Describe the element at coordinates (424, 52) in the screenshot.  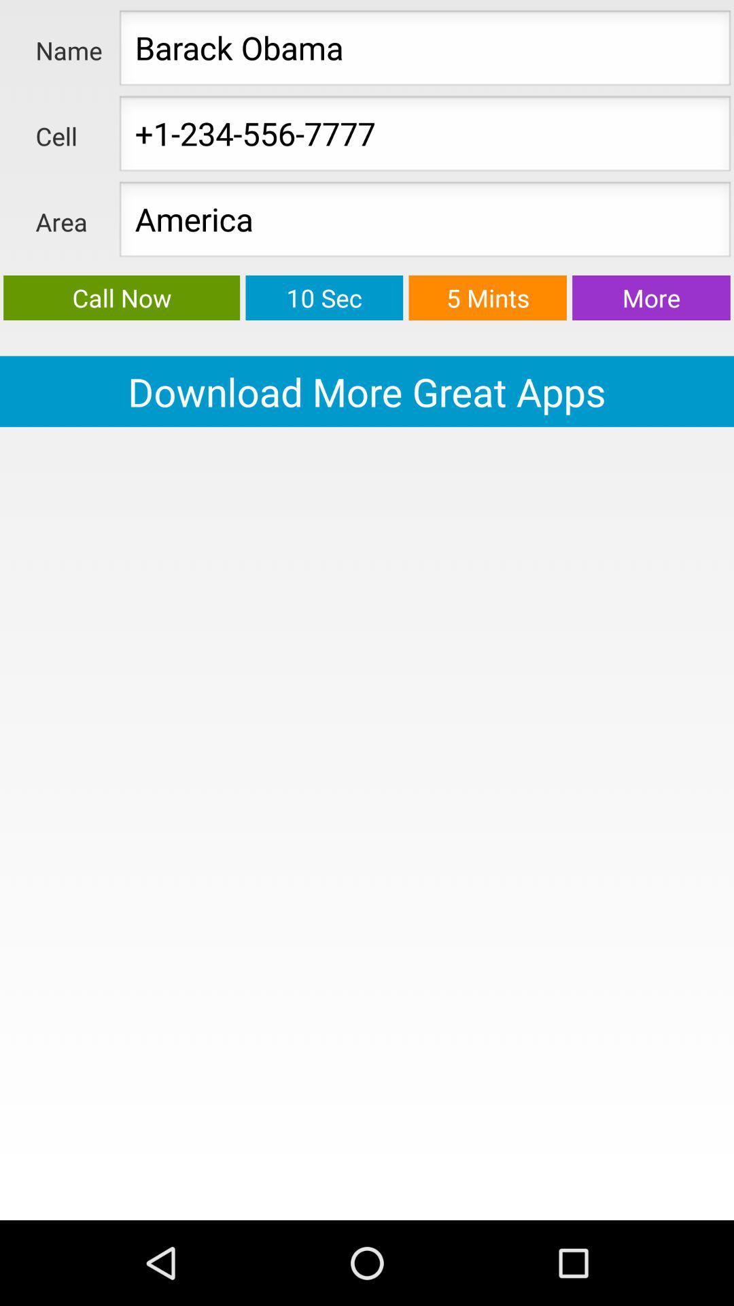
I see `enter the text field next to the name` at that location.